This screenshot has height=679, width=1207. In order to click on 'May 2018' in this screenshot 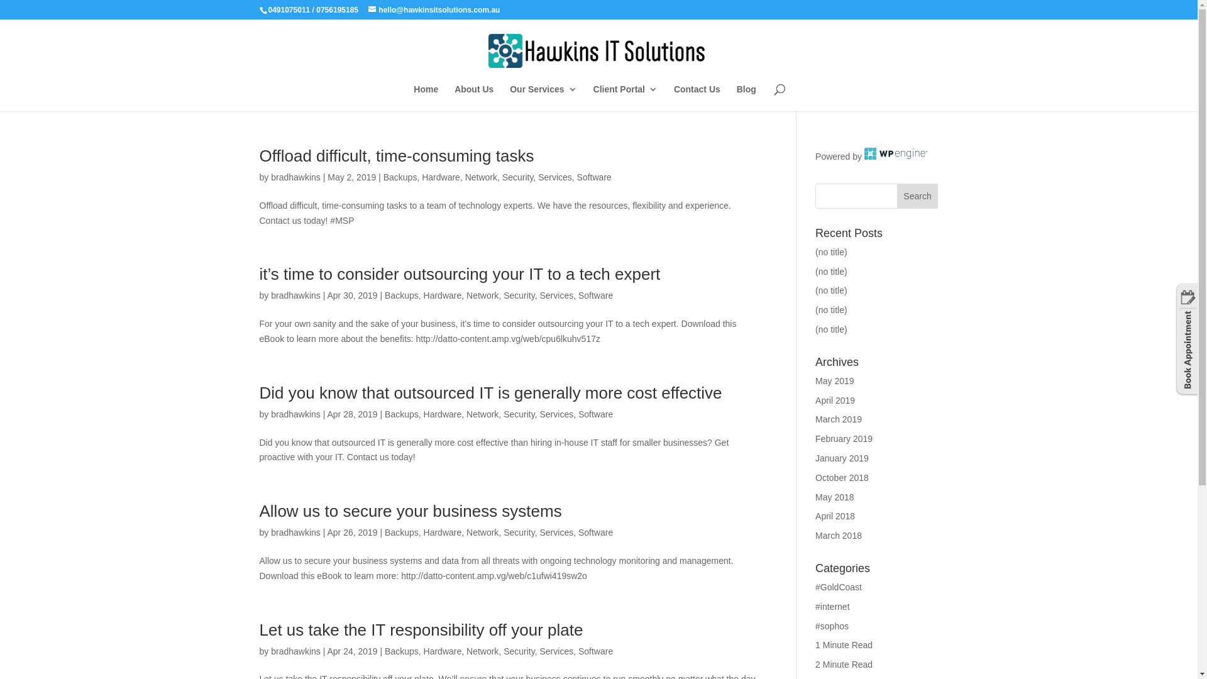, I will do `click(815, 496)`.